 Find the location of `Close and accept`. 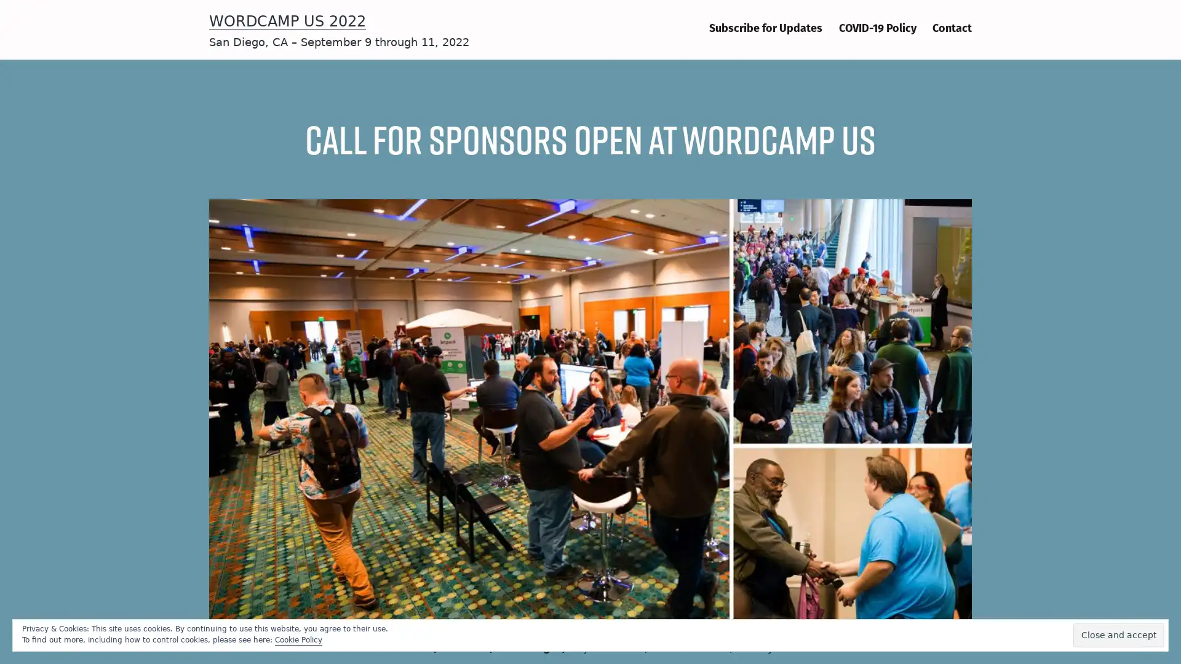

Close and accept is located at coordinates (1119, 635).